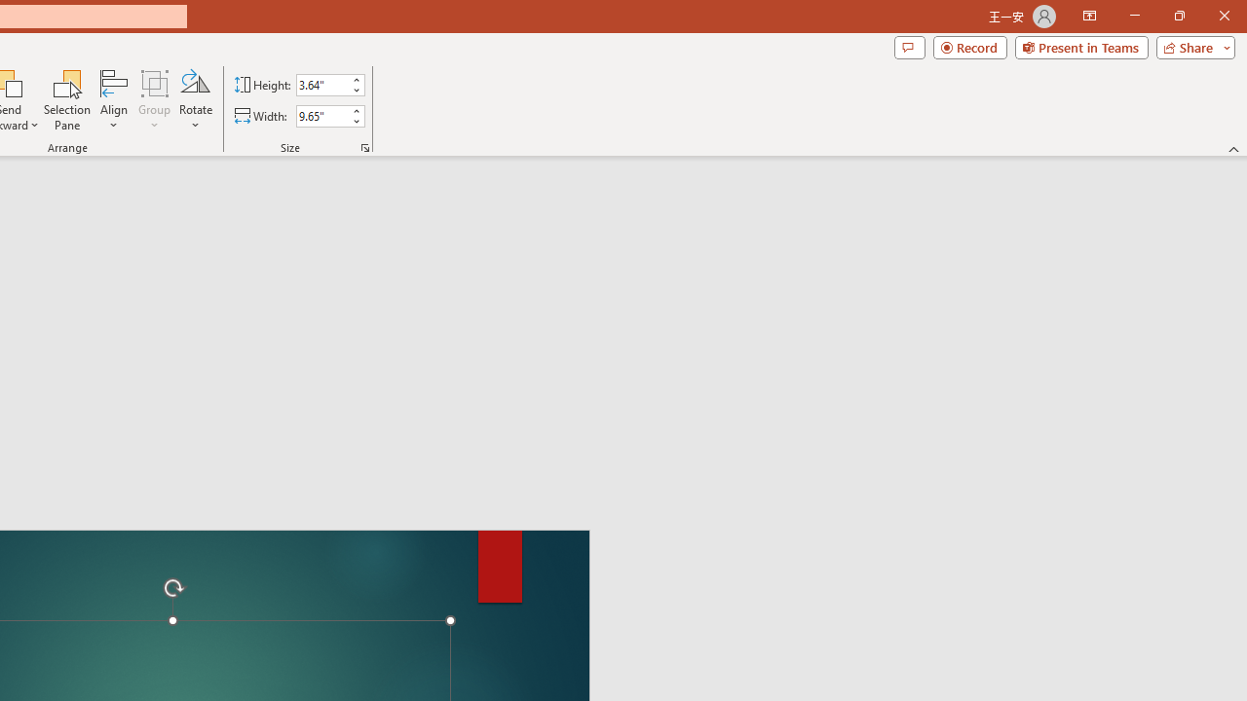 The width and height of the screenshot is (1247, 701). Describe the element at coordinates (154, 100) in the screenshot. I see `'Group'` at that location.